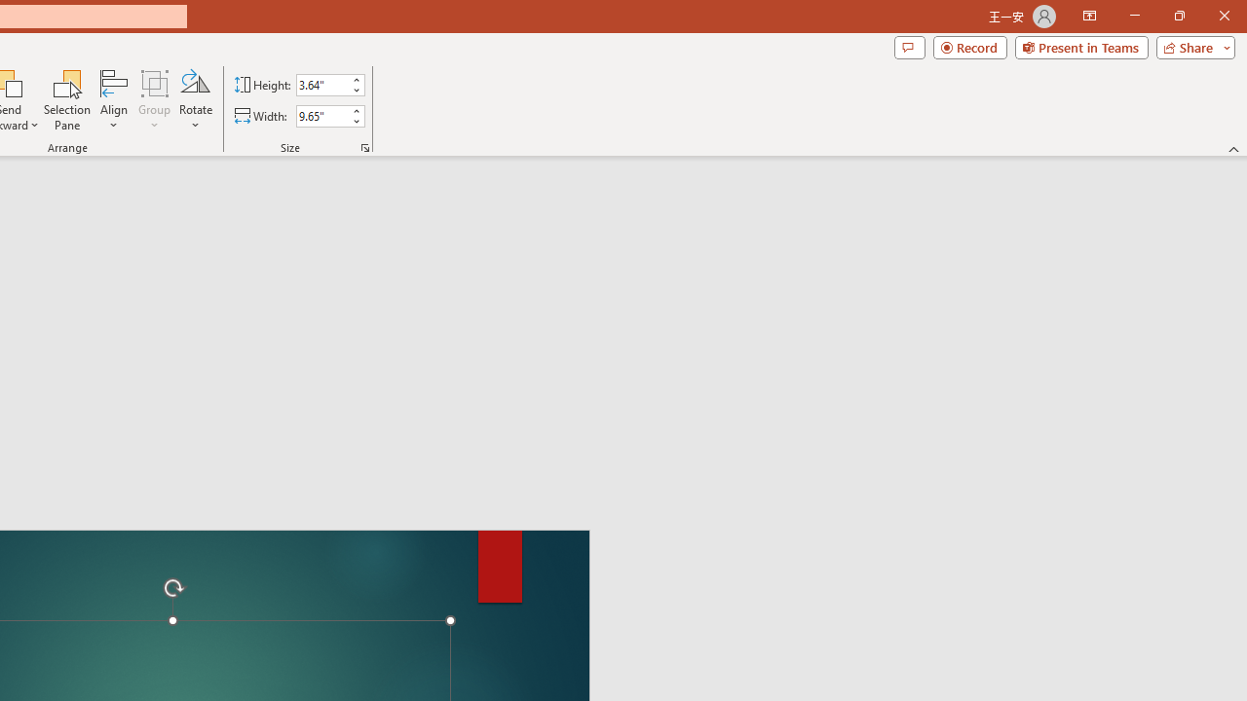 The width and height of the screenshot is (1247, 701). Describe the element at coordinates (154, 100) in the screenshot. I see `'Group'` at that location.